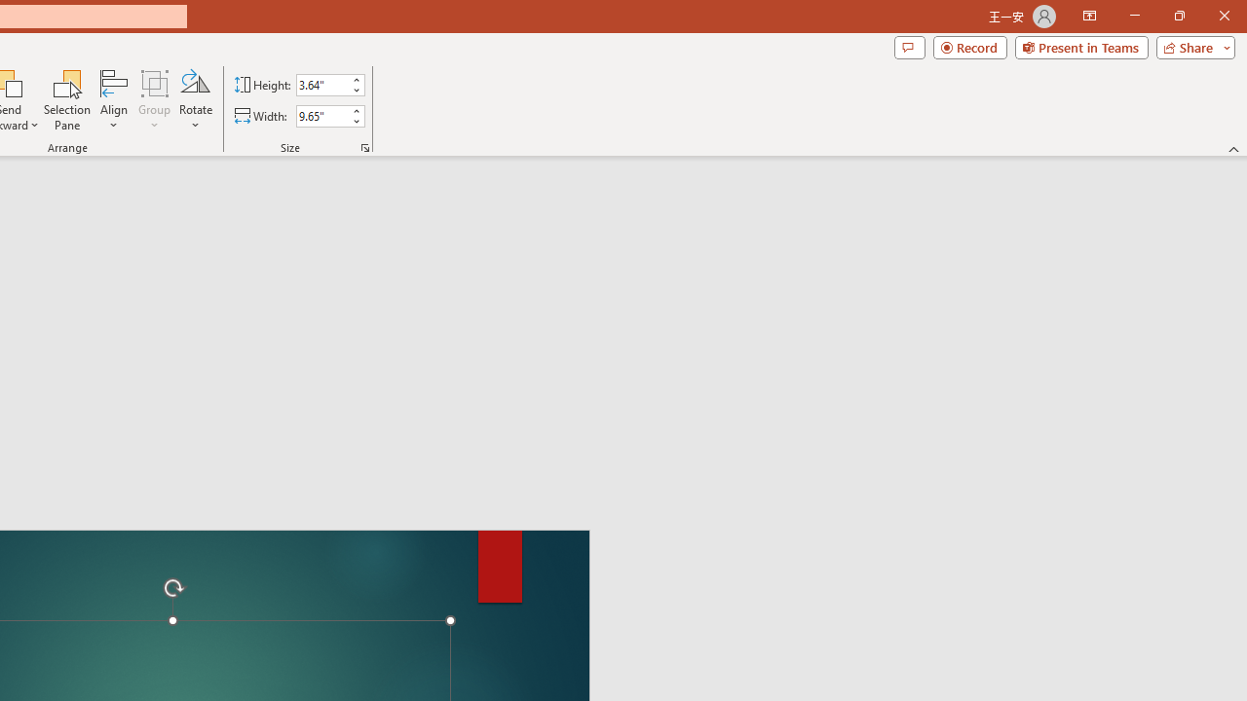 The width and height of the screenshot is (1247, 701). Describe the element at coordinates (154, 100) in the screenshot. I see `'Group'` at that location.